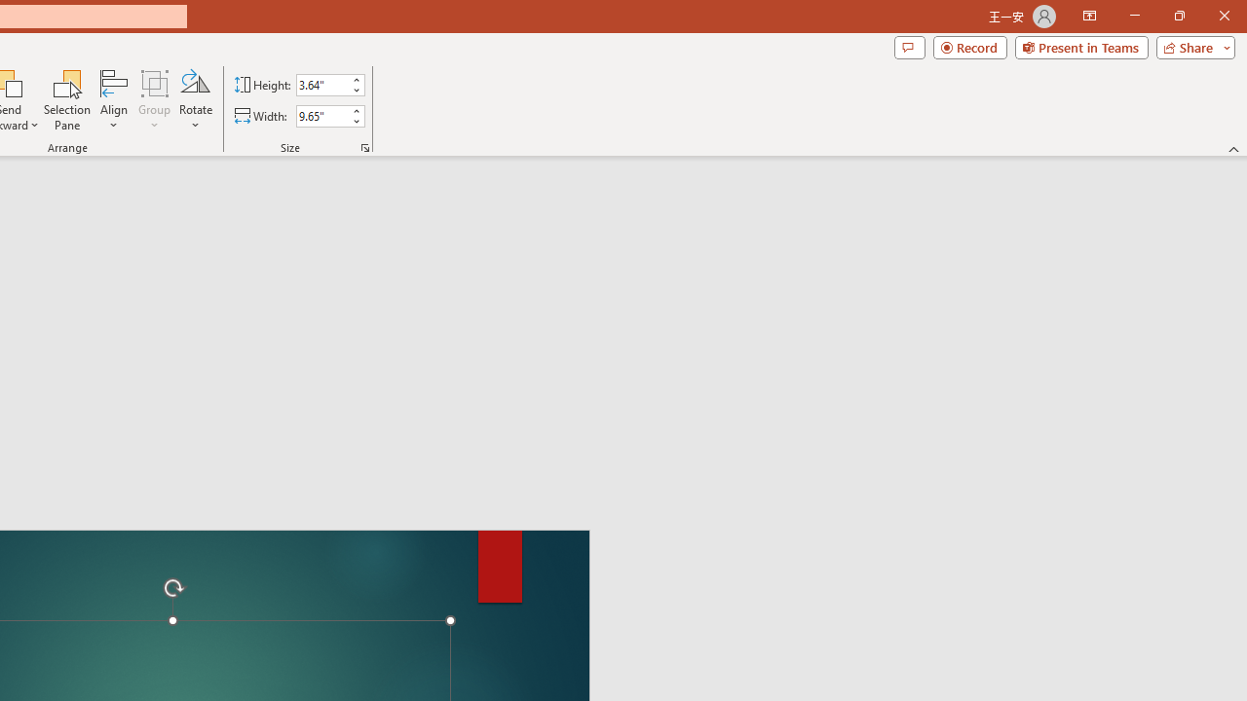 The width and height of the screenshot is (1247, 701). Describe the element at coordinates (154, 100) in the screenshot. I see `'Group'` at that location.